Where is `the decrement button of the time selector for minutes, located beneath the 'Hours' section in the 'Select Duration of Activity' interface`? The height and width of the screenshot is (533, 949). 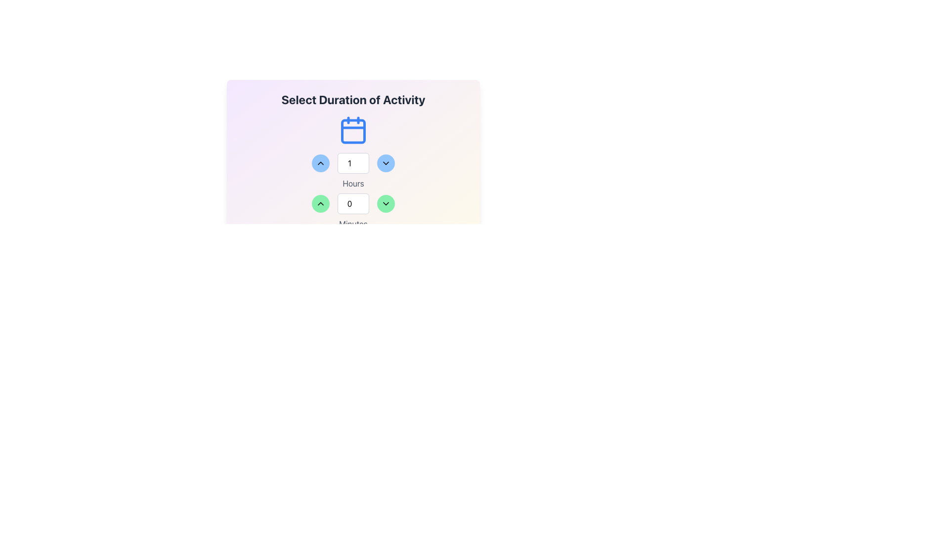 the decrement button of the time selector for minutes, located beneath the 'Hours' section in the 'Select Duration of Activity' interface is located at coordinates (353, 203).